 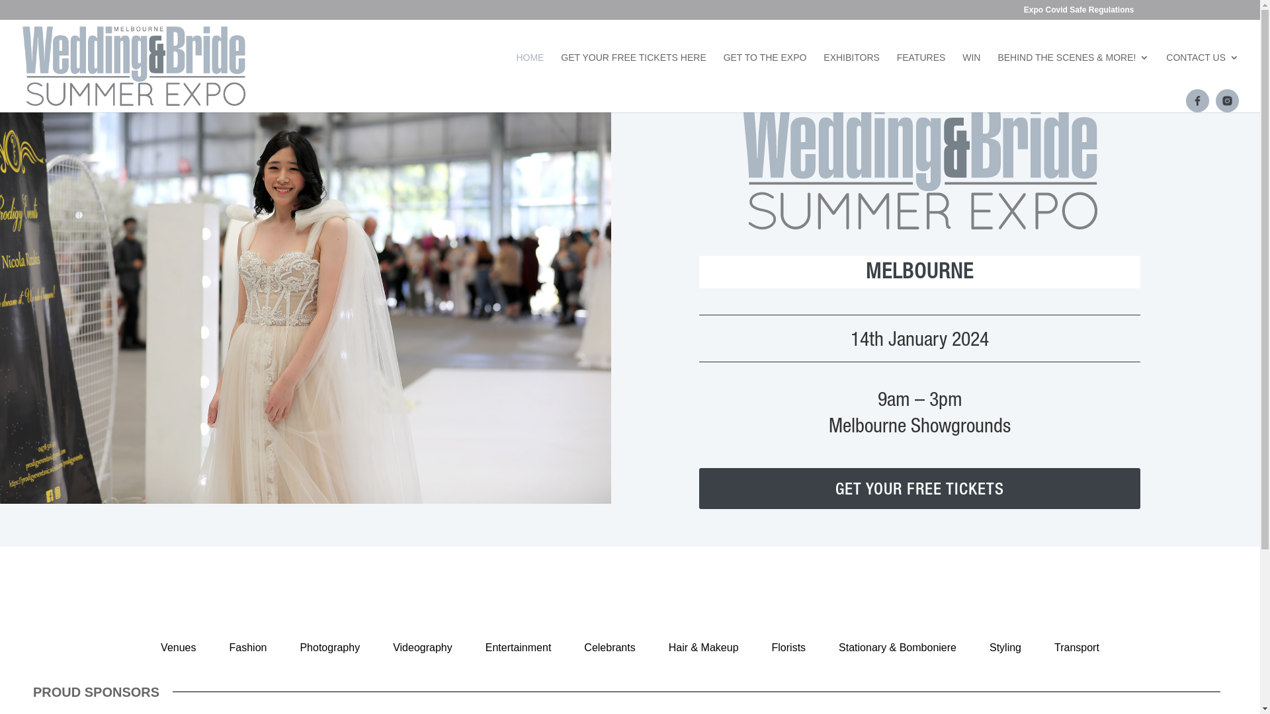 I want to click on 'CONTACT US', so click(x=1165, y=73).